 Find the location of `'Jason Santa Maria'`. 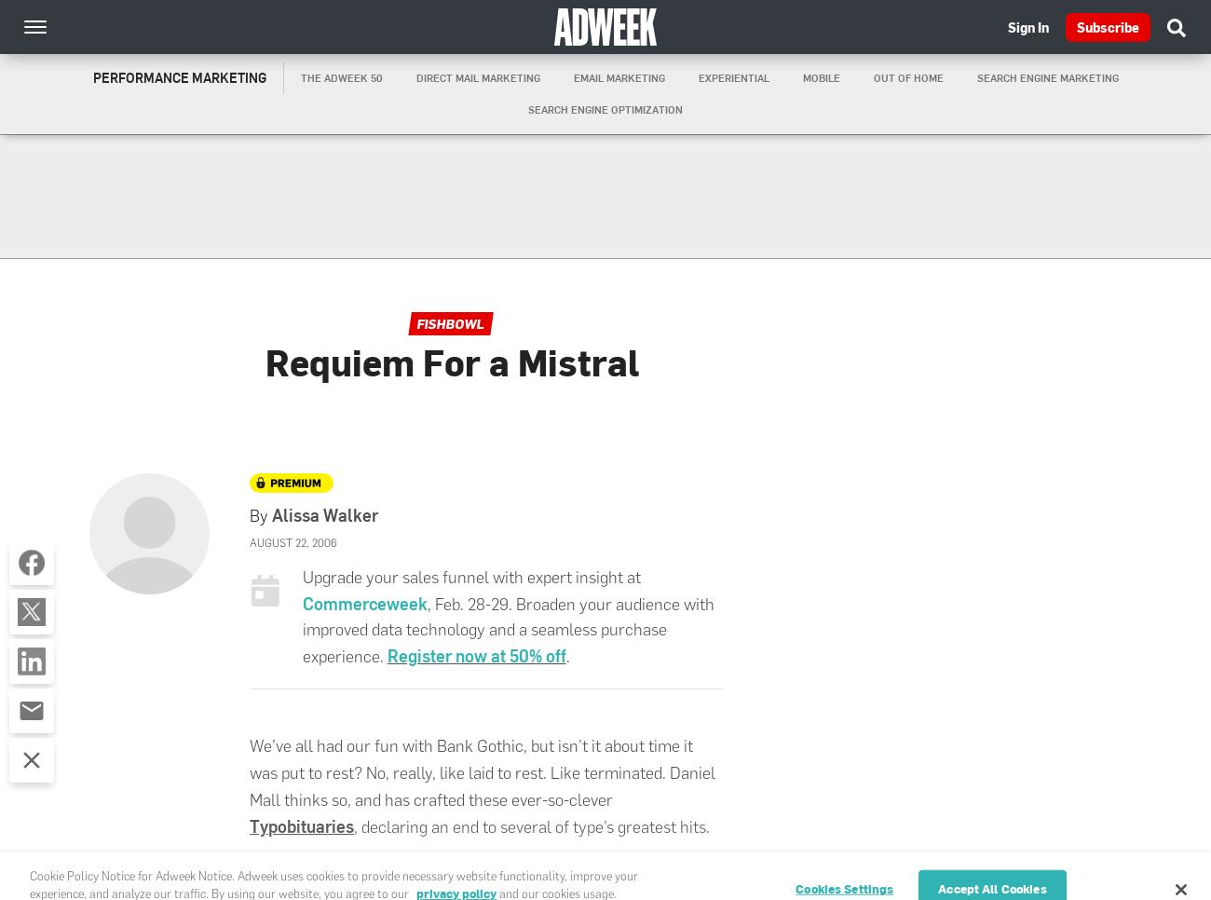

'Jason Santa Maria' is located at coordinates (430, 870).